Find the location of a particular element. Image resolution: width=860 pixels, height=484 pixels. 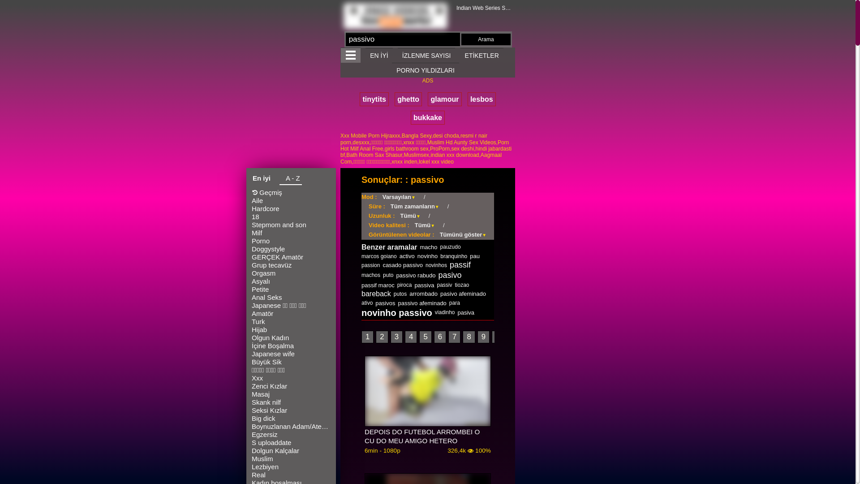

'DEPOIS DO FUTEBOL ARROMBEI O CU DO MEU AMIGO HETERO' is located at coordinates (365, 436).